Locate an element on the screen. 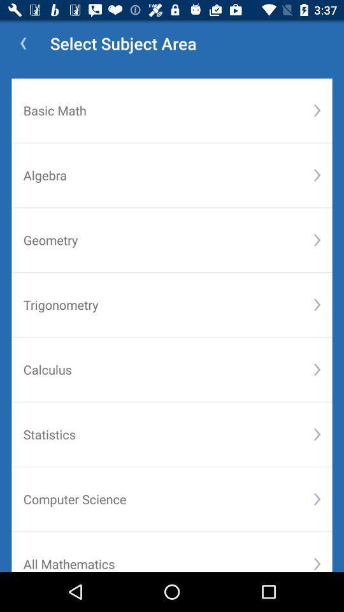 The image size is (344, 612). the icon below algebra icon is located at coordinates (316, 239).